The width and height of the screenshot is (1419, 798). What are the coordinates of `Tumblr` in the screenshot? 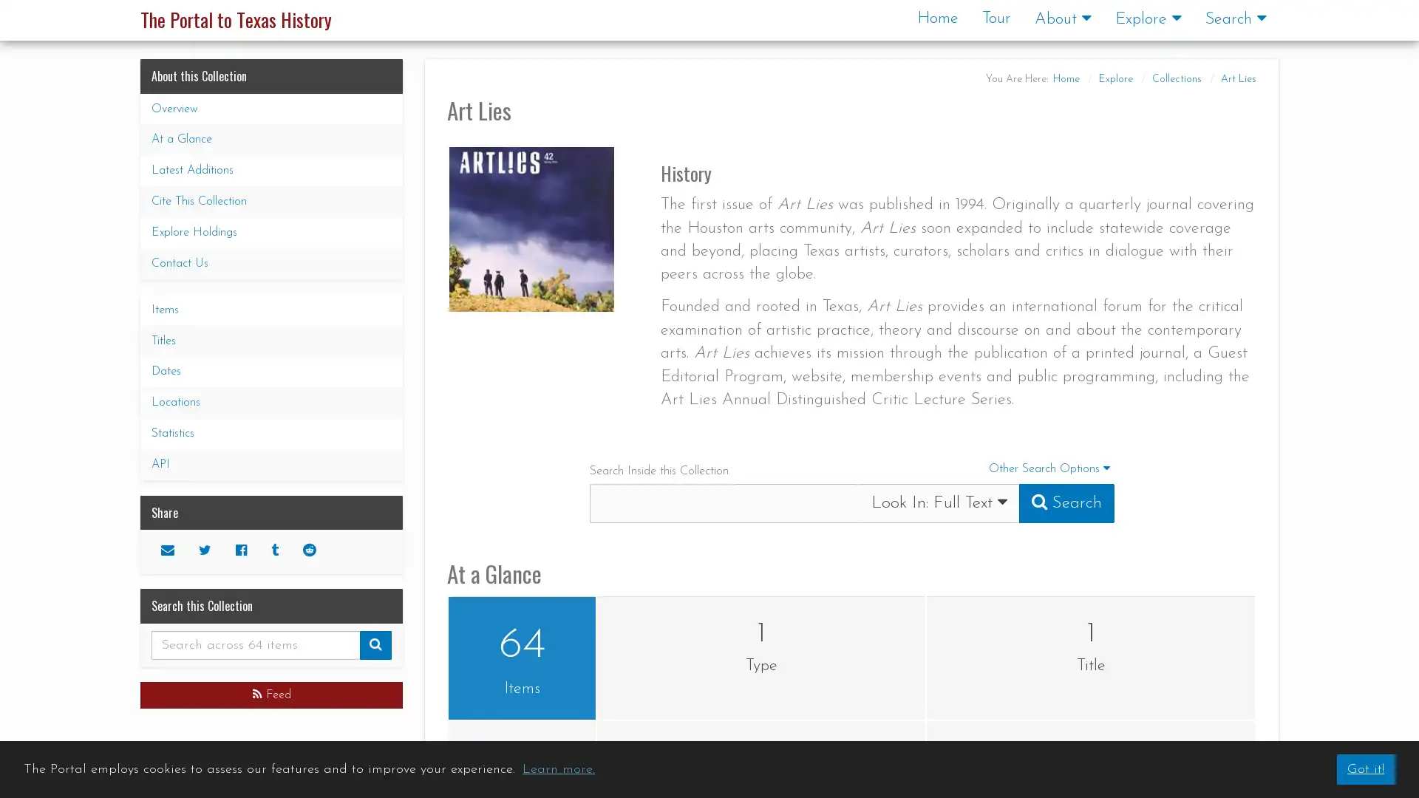 It's located at (275, 552).